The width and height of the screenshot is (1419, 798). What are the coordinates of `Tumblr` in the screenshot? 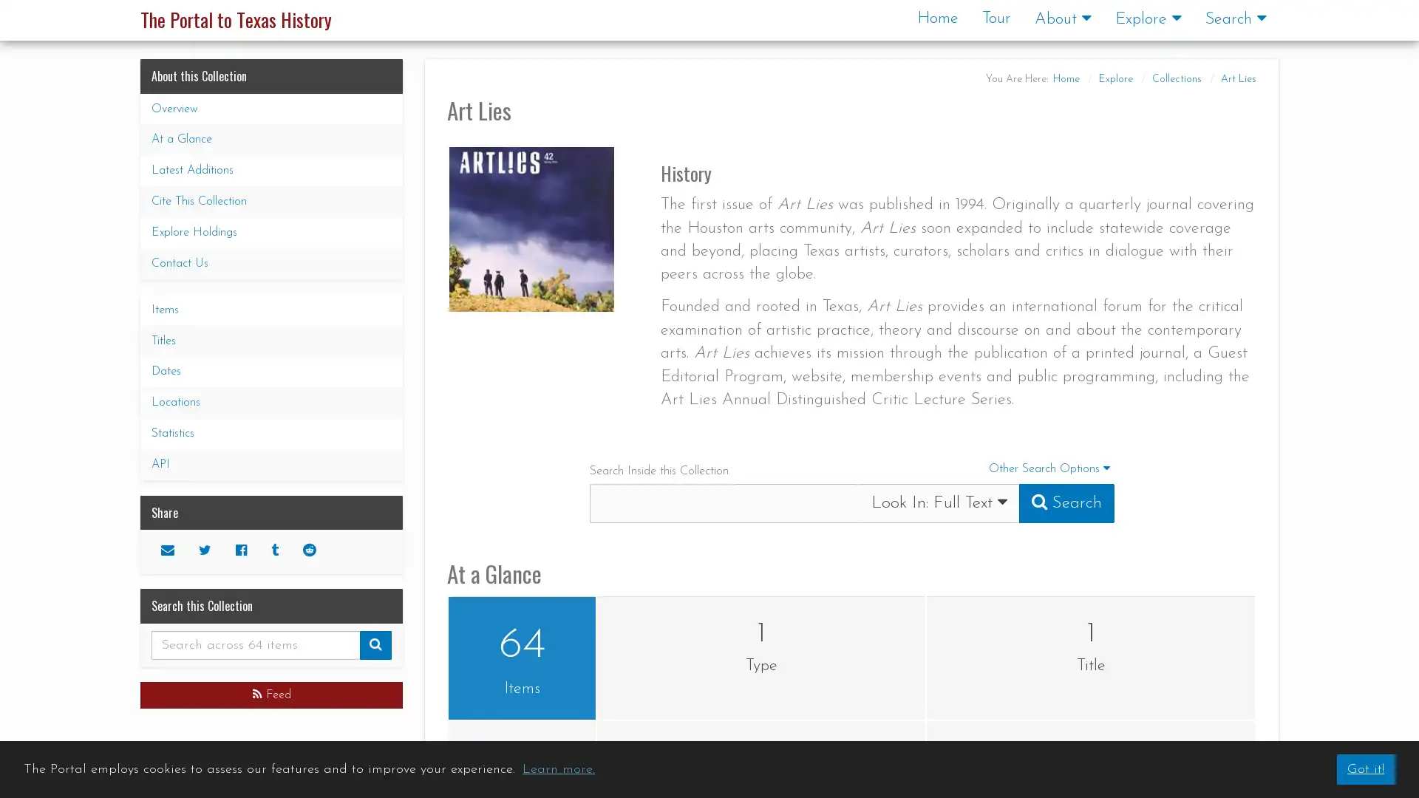 It's located at (275, 552).